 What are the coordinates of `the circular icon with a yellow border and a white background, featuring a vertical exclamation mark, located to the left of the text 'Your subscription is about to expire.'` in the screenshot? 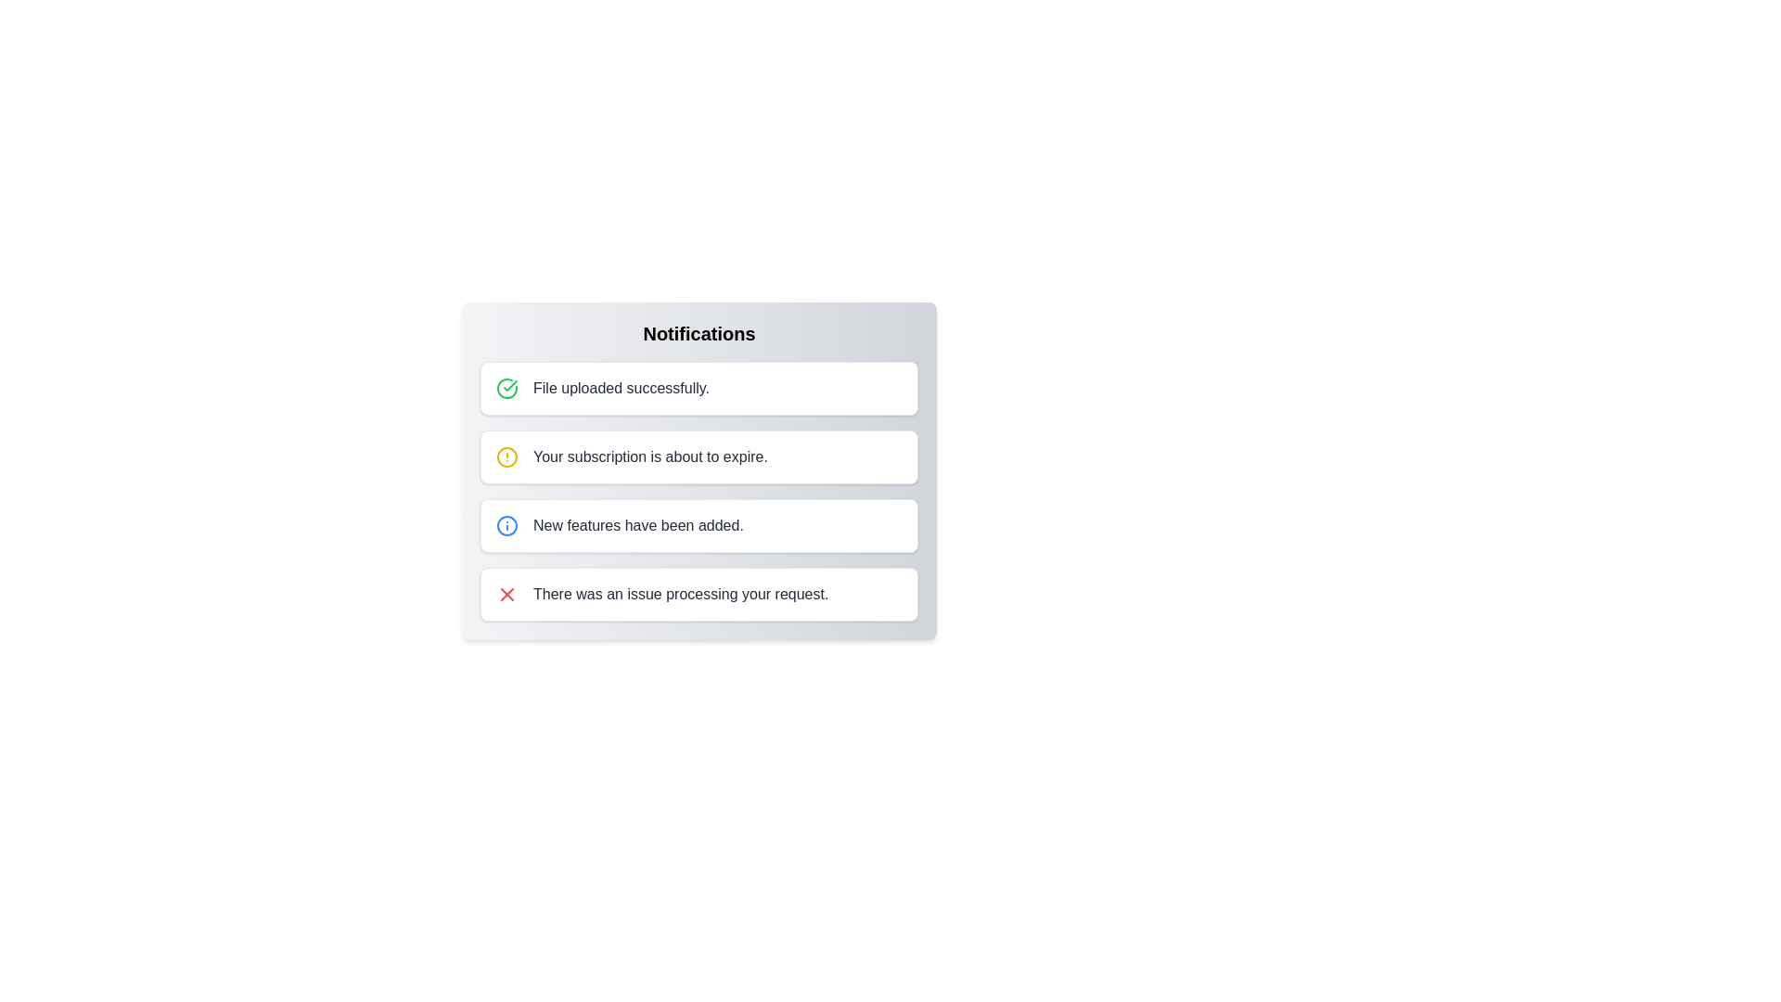 It's located at (507, 457).